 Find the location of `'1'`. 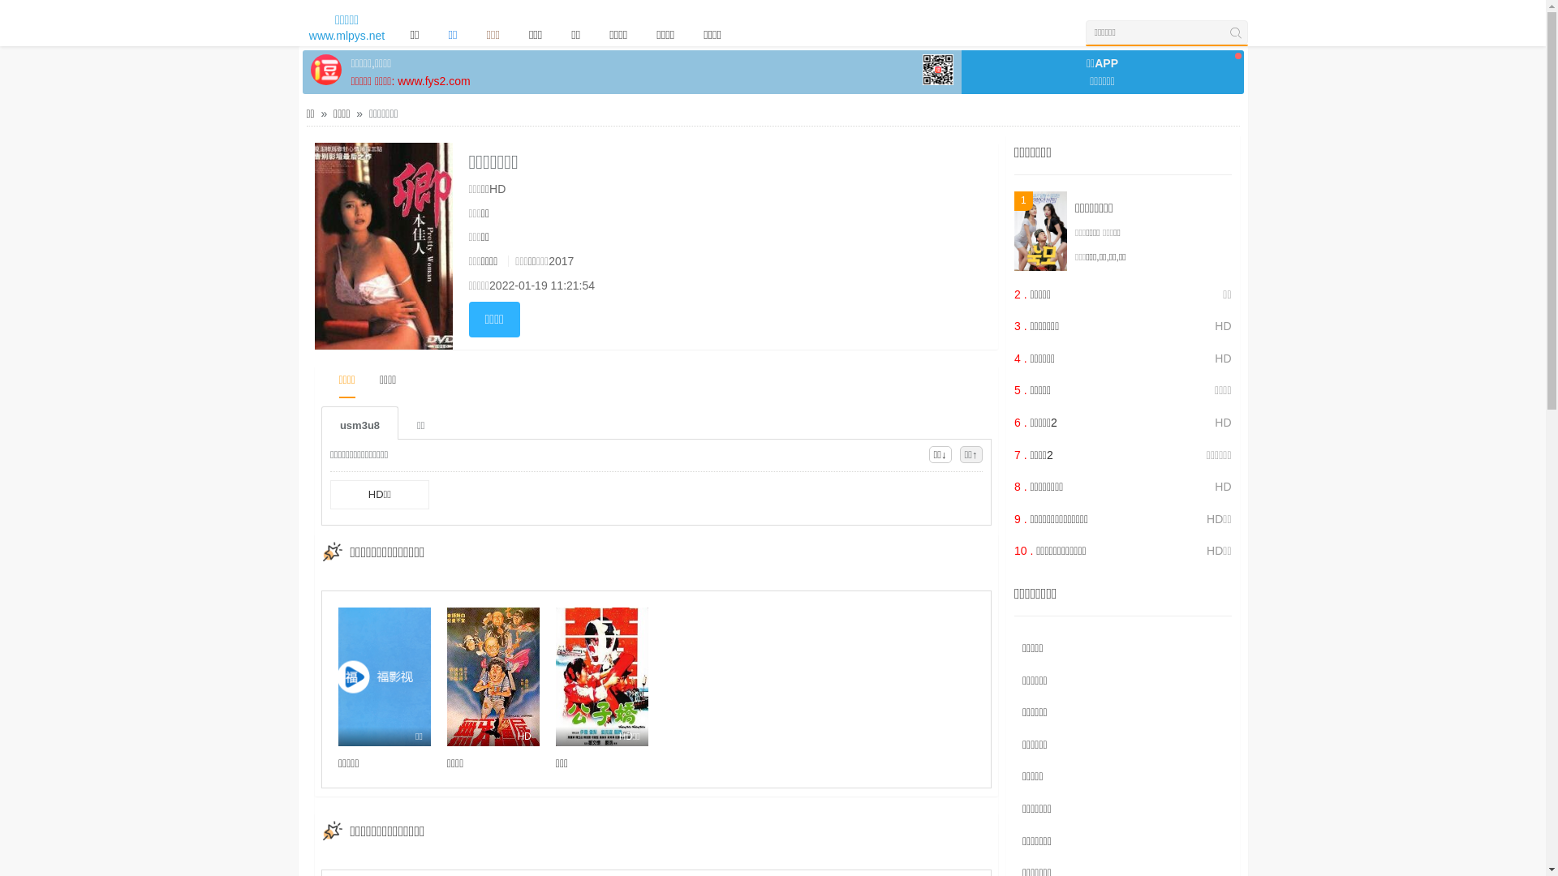

'1' is located at coordinates (1040, 231).